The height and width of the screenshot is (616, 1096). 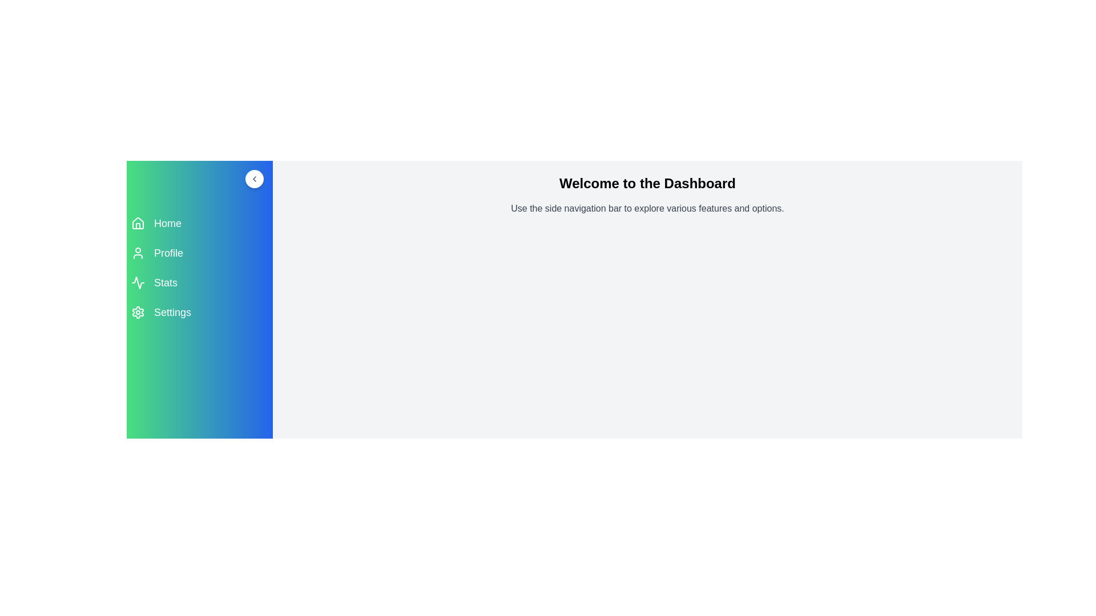 What do you see at coordinates (254, 179) in the screenshot?
I see `the chevron icon located at the upper-right edge of the vertical navigation bar` at bounding box center [254, 179].